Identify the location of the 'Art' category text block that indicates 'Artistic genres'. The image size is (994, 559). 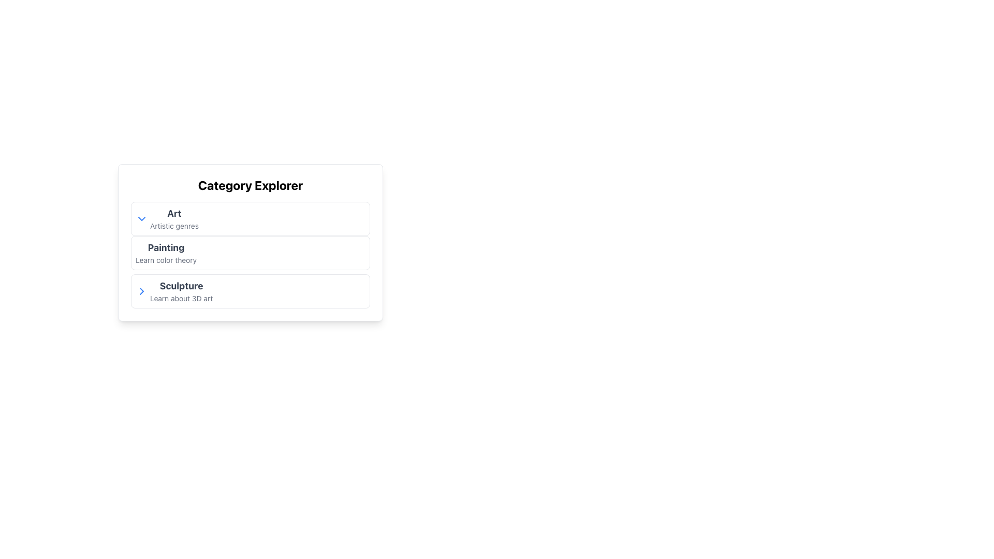
(174, 218).